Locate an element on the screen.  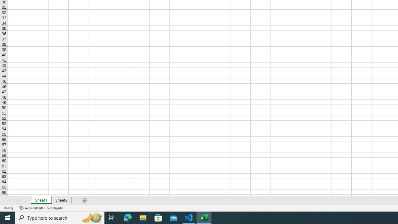
'Scroll Left' is located at coordinates (9, 200).